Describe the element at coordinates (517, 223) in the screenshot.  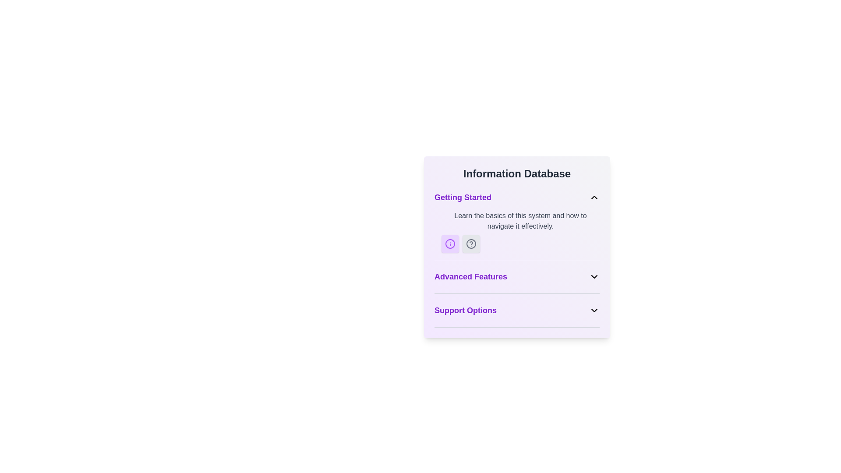
I see `the '?' icon located in the Informational Section directly below the 'Information Database' header for help` at that location.